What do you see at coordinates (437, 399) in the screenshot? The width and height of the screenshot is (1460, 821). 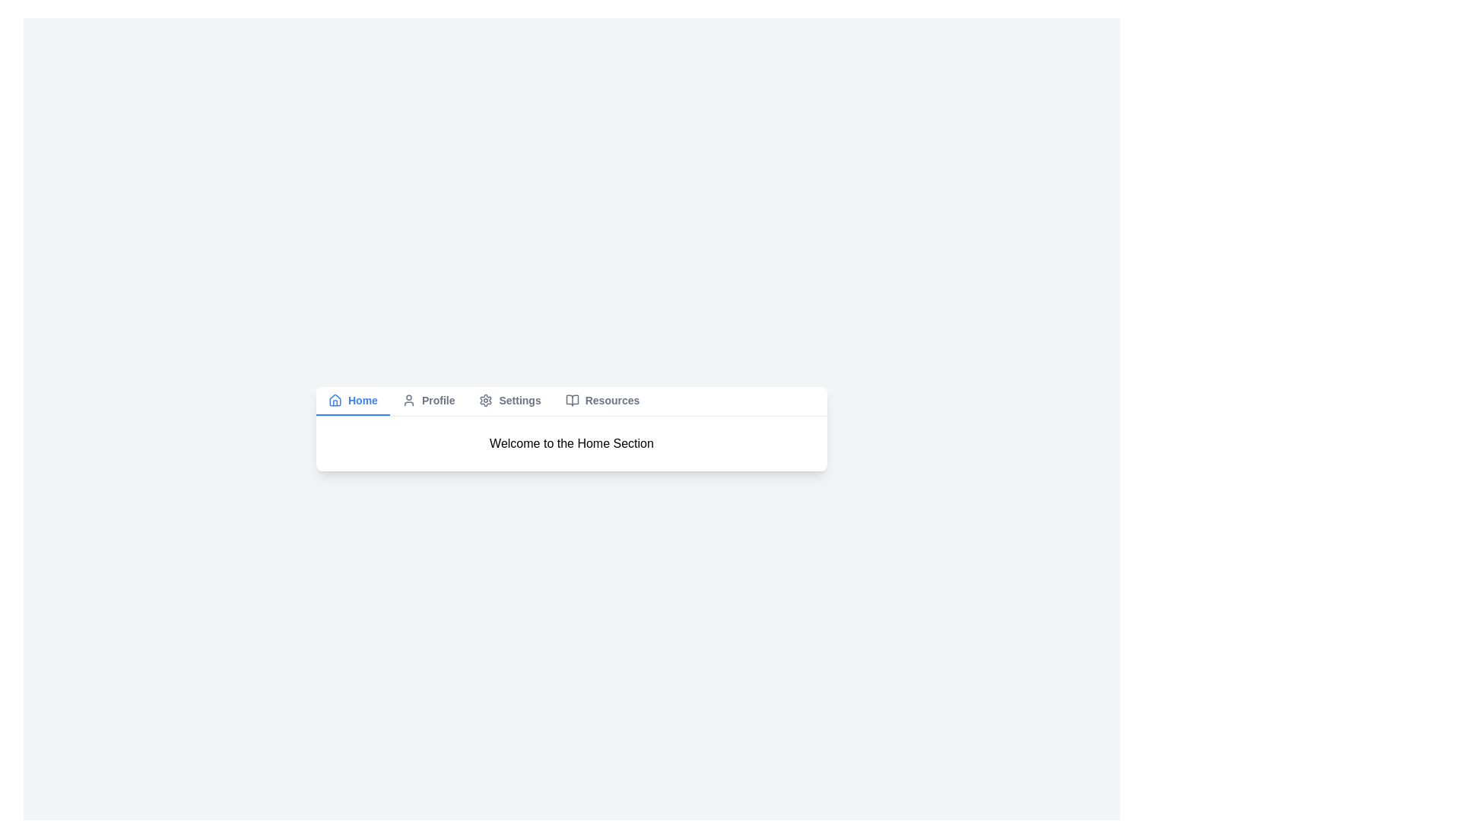 I see `the Text Label in the navigation bar that serves as a link to the user profile or account settings page` at bounding box center [437, 399].